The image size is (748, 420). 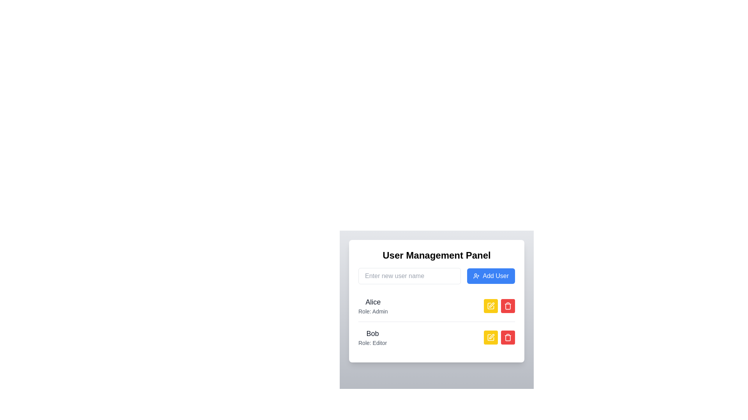 I want to click on the static text label that indicates Bob's role as 'Editor', which is positioned below the username 'Bob' and aligned with the edit and delete buttons, so click(x=372, y=343).